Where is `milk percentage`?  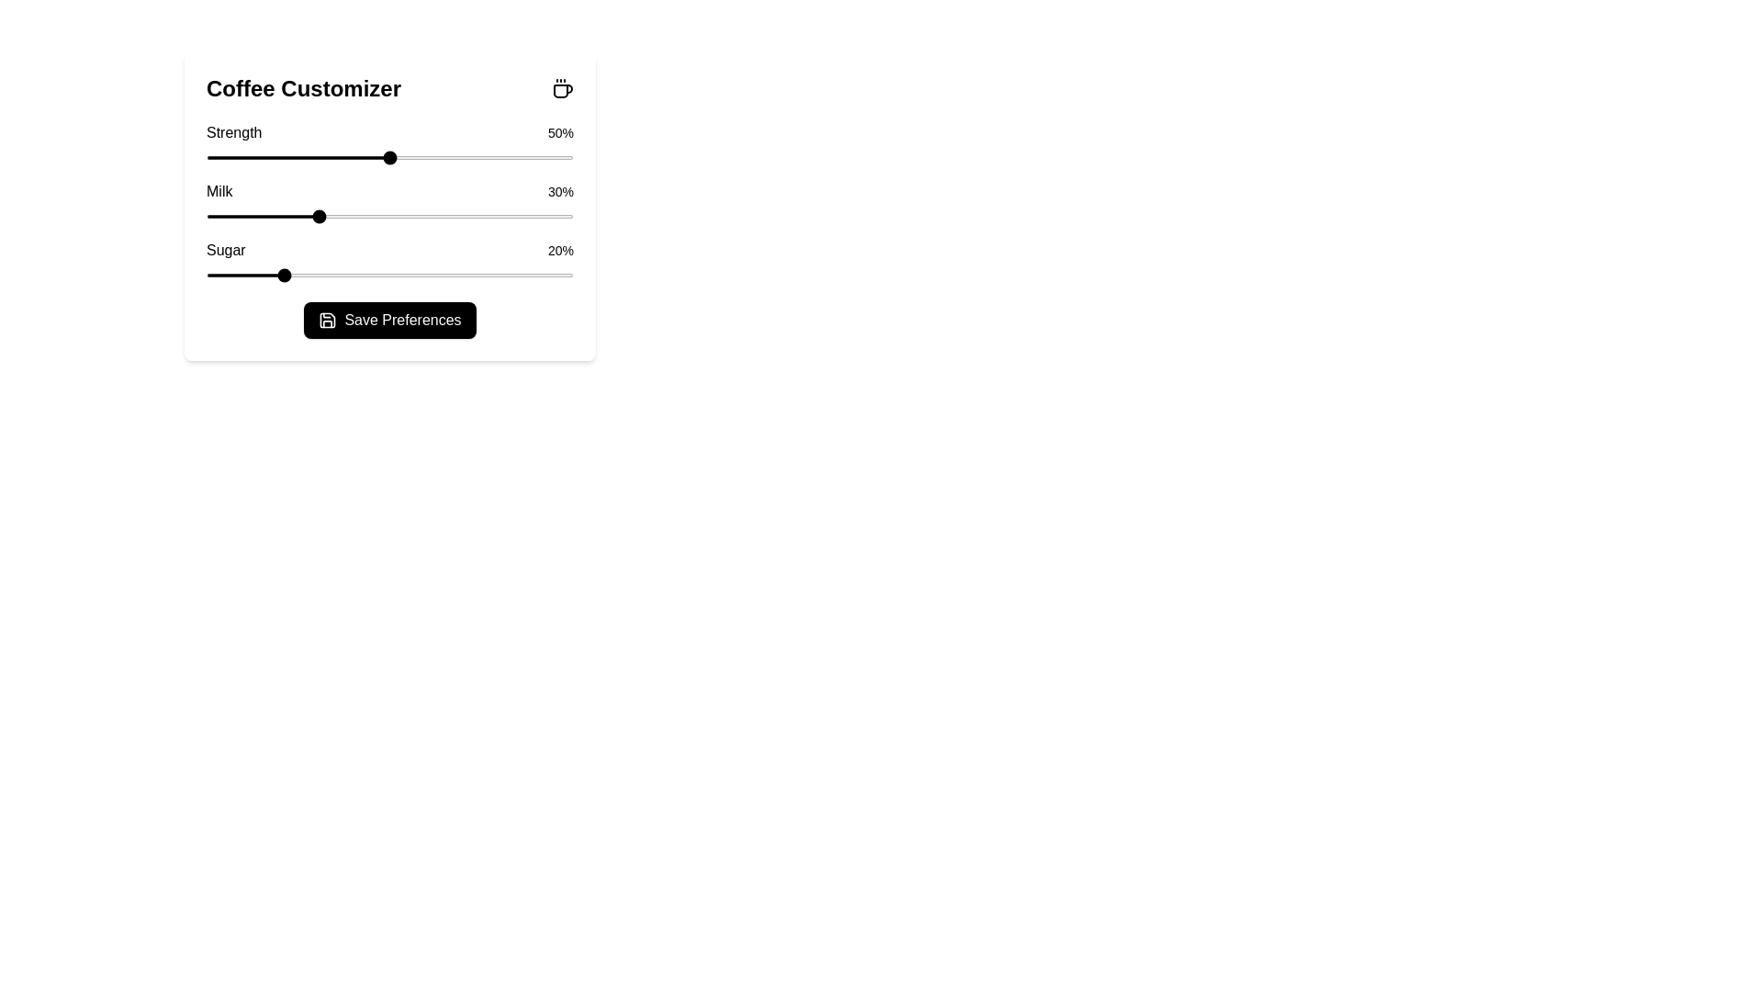
milk percentage is located at coordinates (514, 215).